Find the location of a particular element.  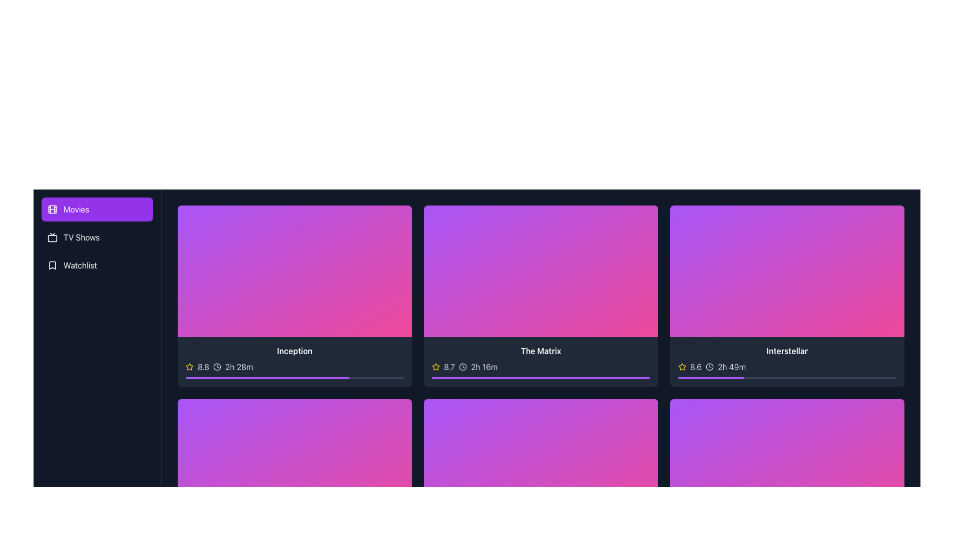

the 'TV Shows' icon located in the second item of the vertical list in the left sidebar menu is located at coordinates (52, 237).